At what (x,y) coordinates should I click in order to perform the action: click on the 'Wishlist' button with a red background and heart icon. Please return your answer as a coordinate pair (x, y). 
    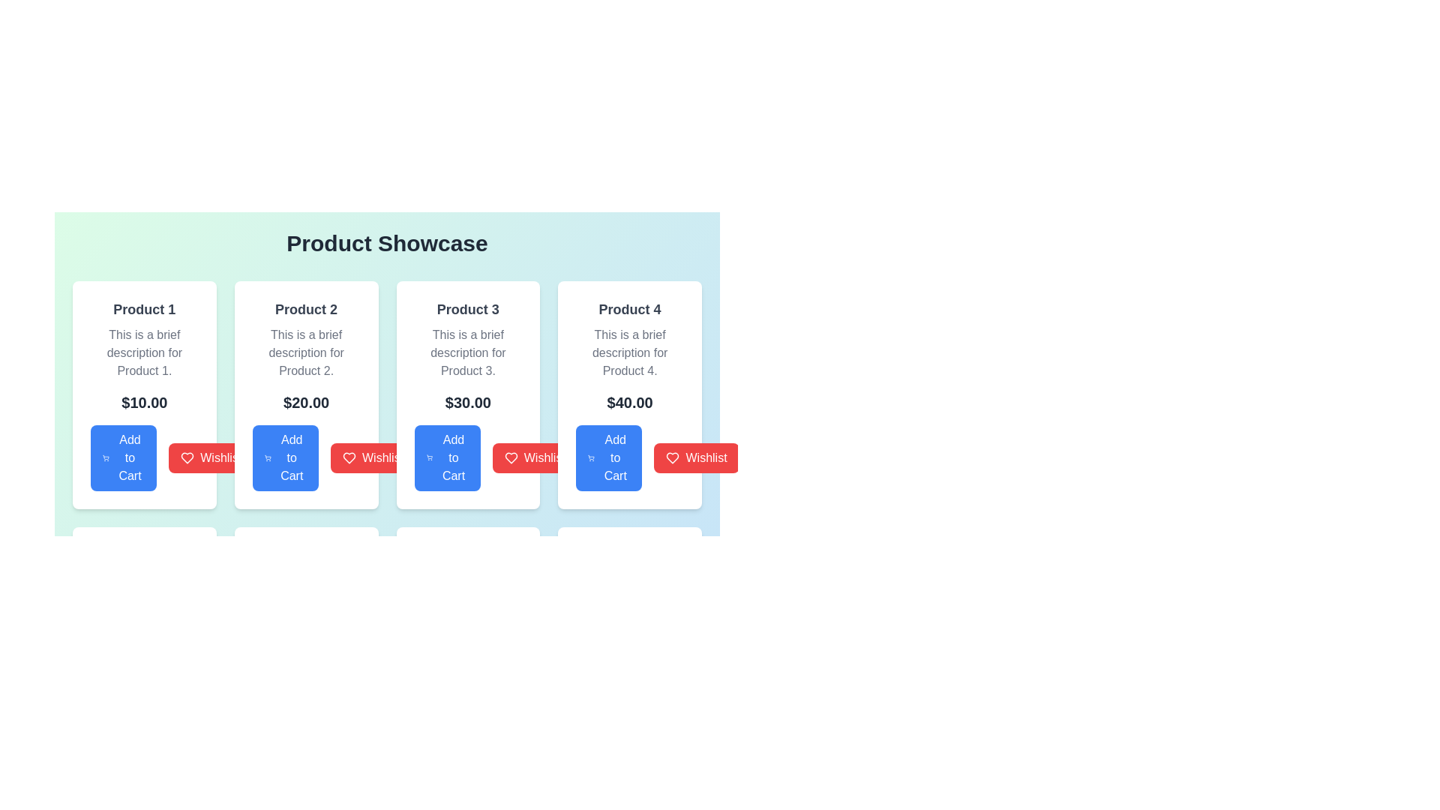
    Looking at the image, I should click on (373, 457).